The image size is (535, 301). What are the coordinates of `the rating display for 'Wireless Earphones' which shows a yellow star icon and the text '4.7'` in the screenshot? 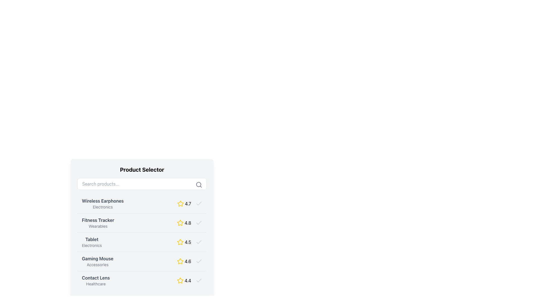 It's located at (190, 204).